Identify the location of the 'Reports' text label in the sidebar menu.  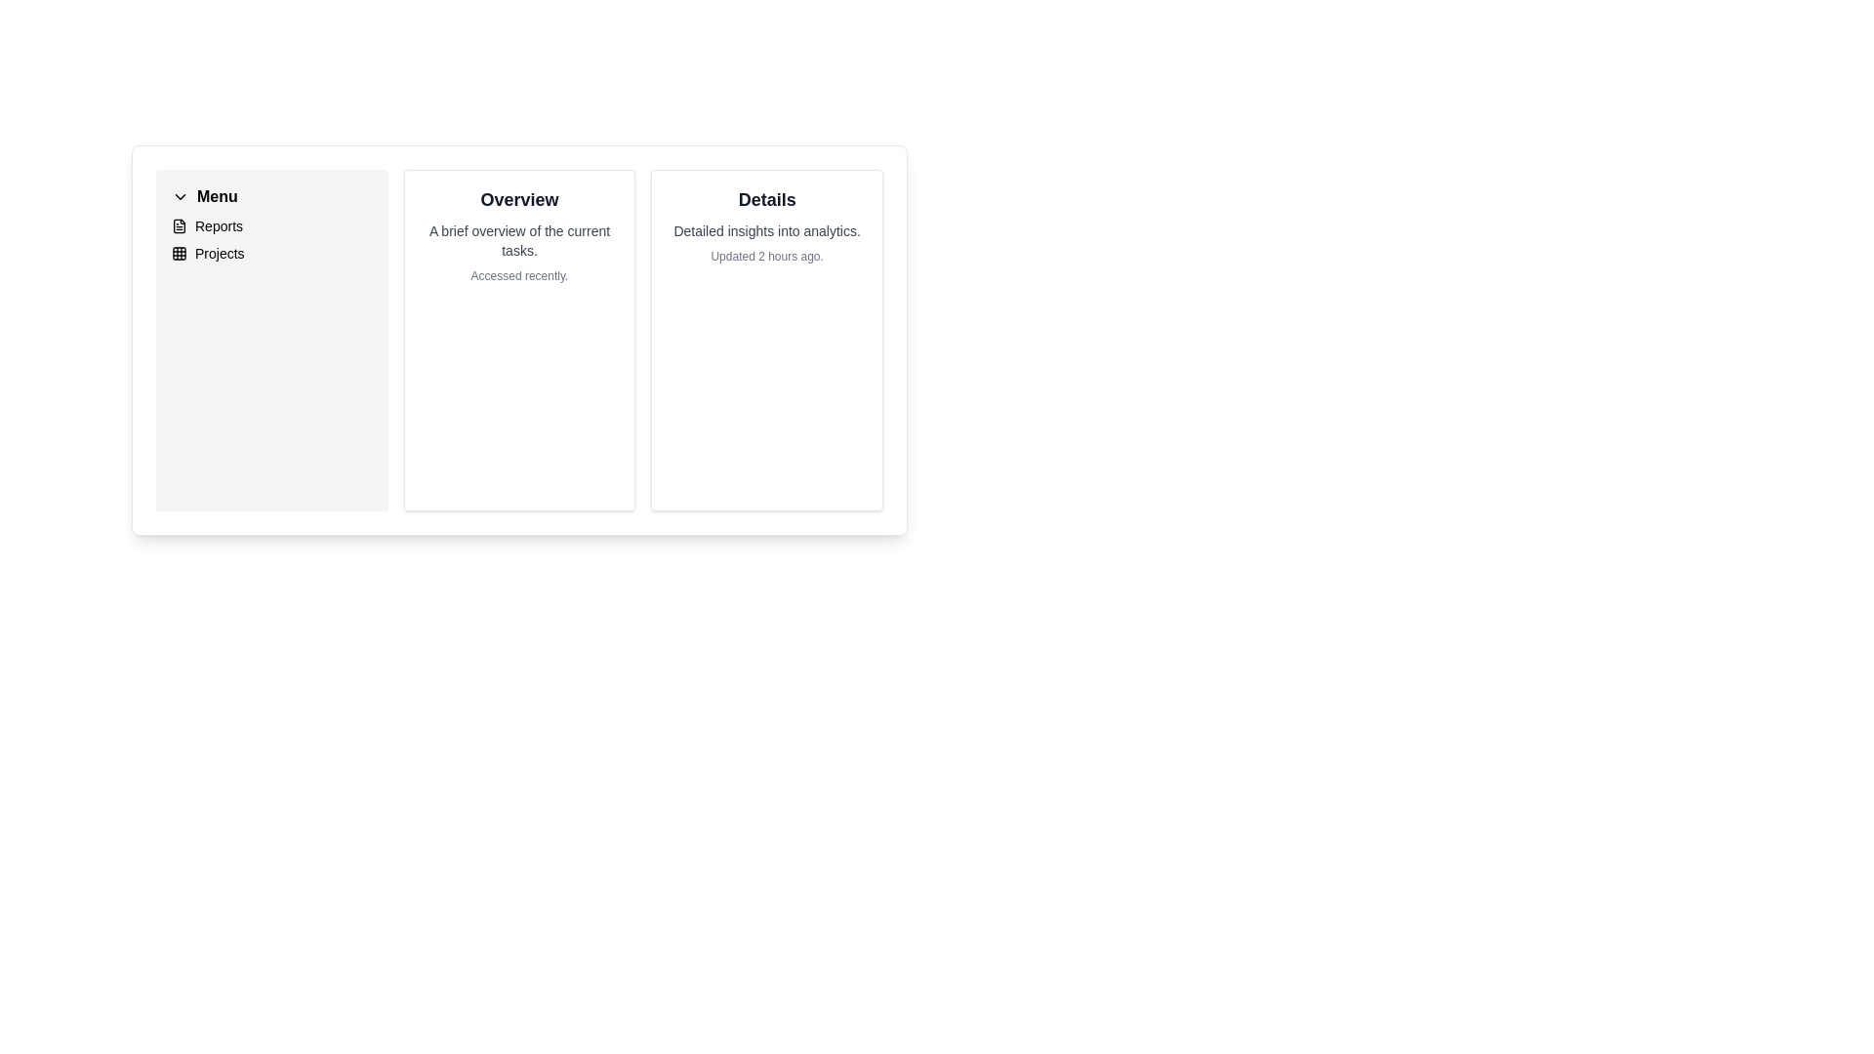
(219, 224).